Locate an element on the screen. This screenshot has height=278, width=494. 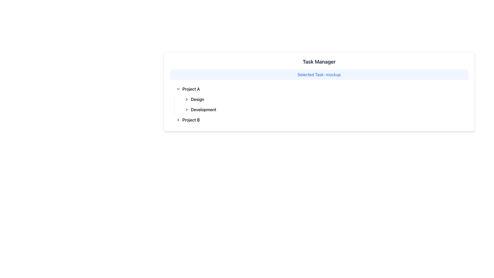
the downward-pointing chevron icon located to the left of the 'Project A' label to trigger the tooltip is located at coordinates (178, 89).